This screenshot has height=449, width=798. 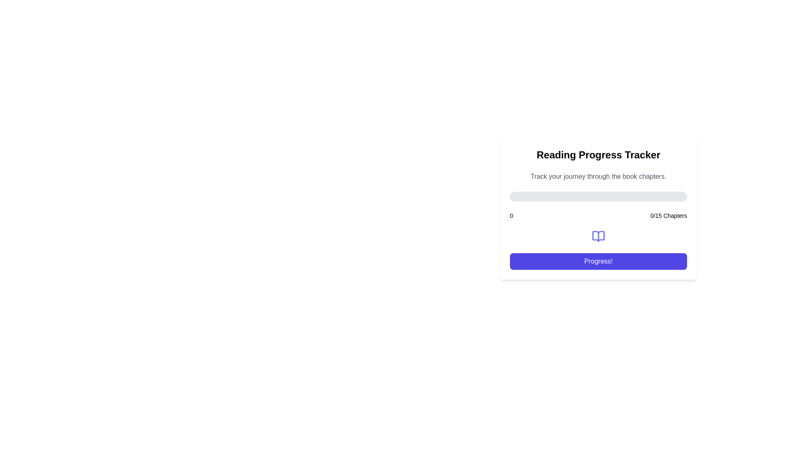 What do you see at coordinates (598, 261) in the screenshot?
I see `the 'Progress!' button with a bold indigo background` at bounding box center [598, 261].